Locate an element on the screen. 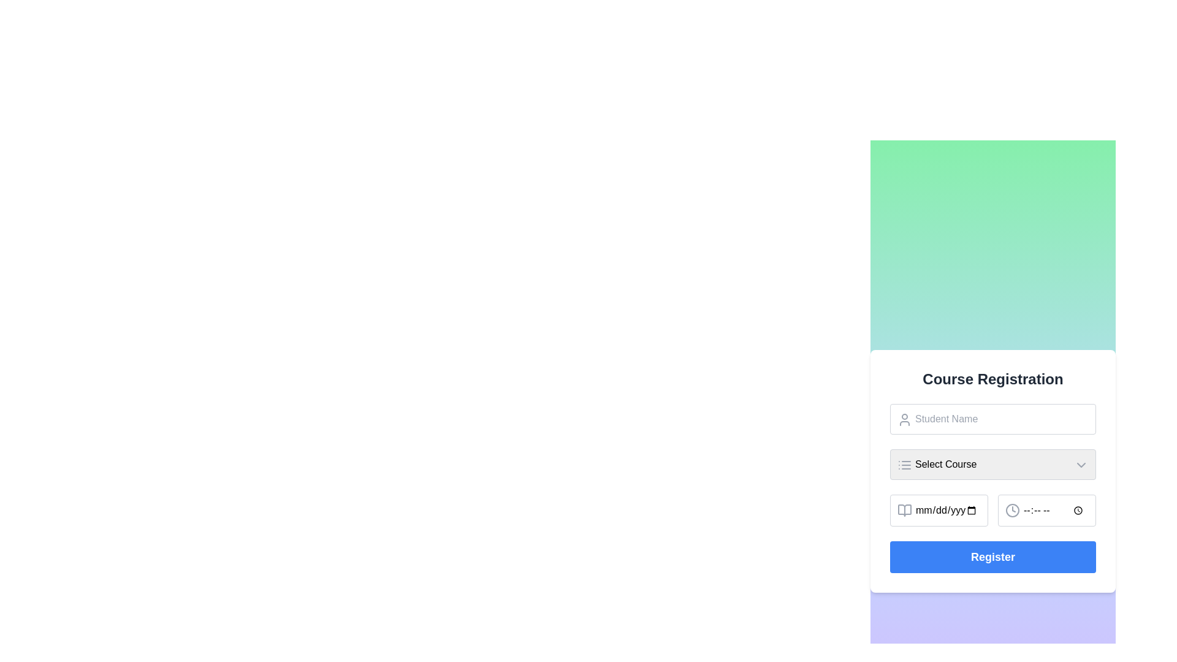  the 'Submit' button located at the bottom of the 'Course Registration' form is located at coordinates (993, 557).